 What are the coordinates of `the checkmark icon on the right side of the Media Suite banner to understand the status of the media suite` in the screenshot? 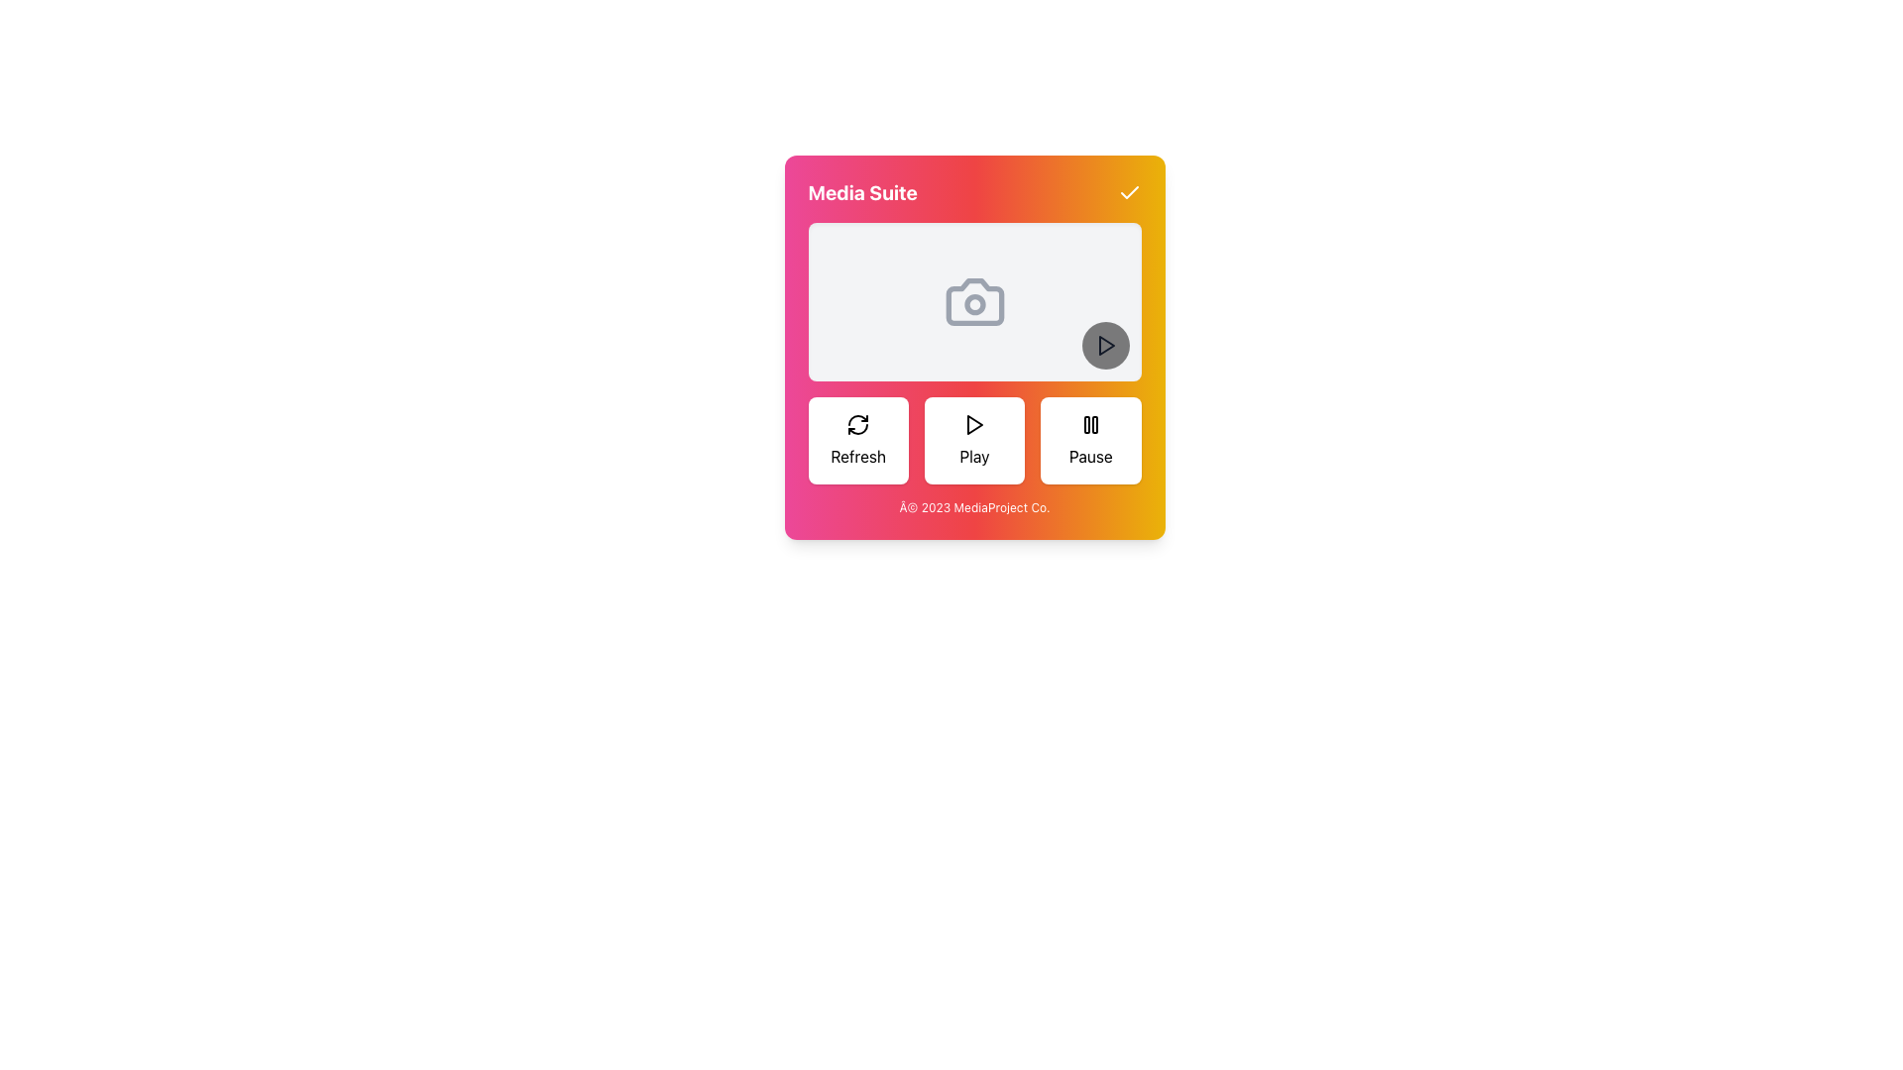 It's located at (974, 193).